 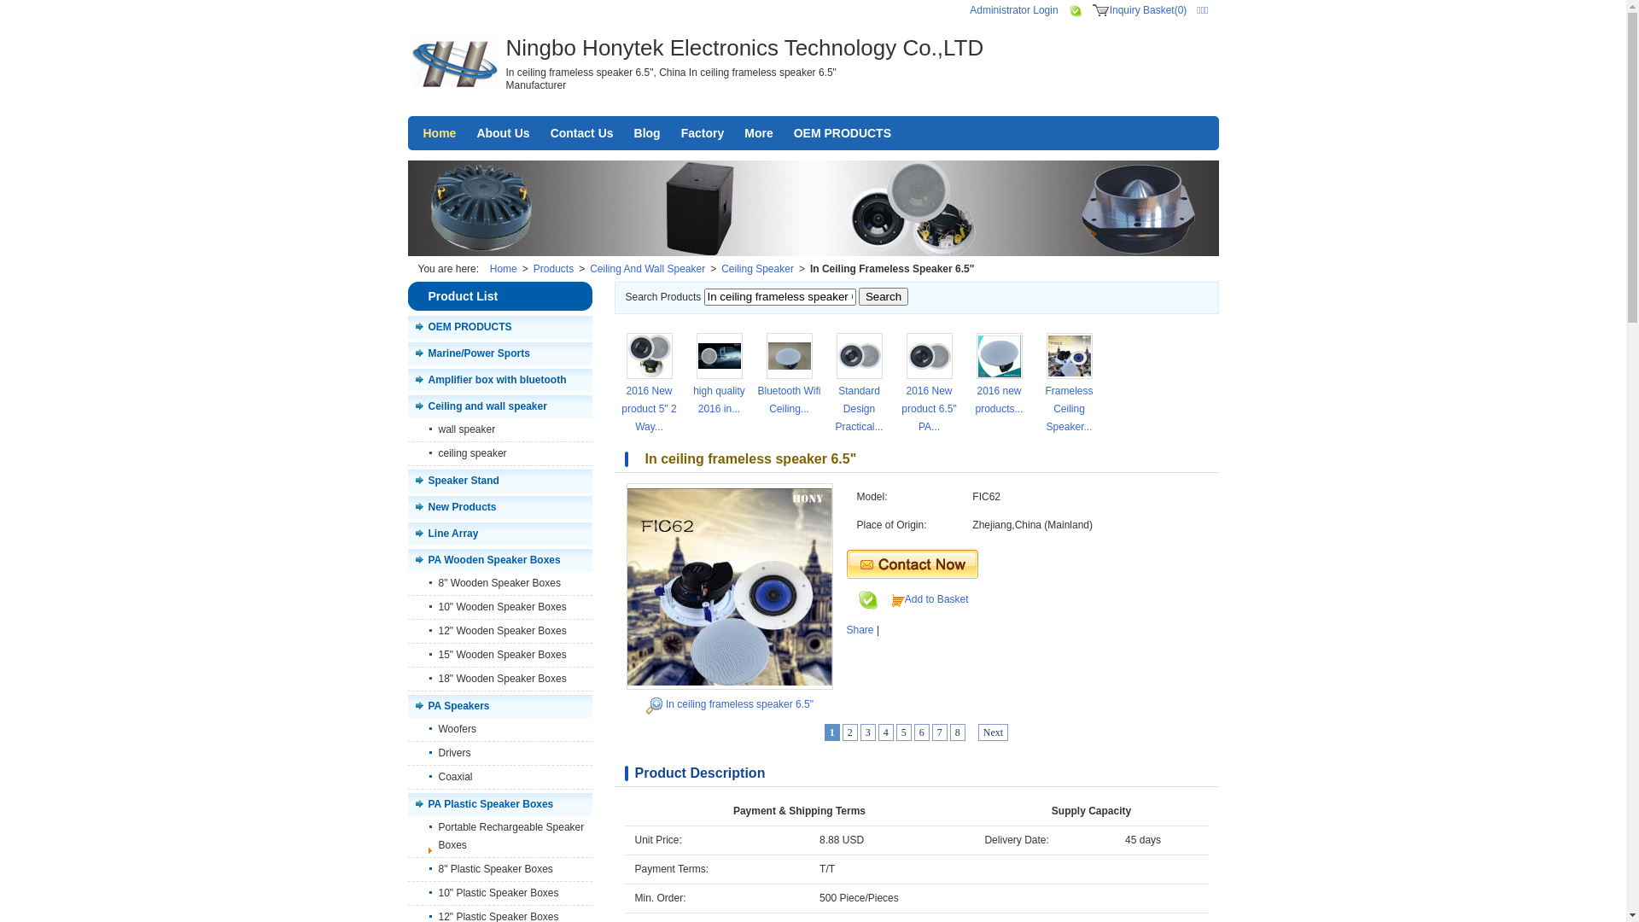 I want to click on 'wall speaker', so click(x=499, y=429).